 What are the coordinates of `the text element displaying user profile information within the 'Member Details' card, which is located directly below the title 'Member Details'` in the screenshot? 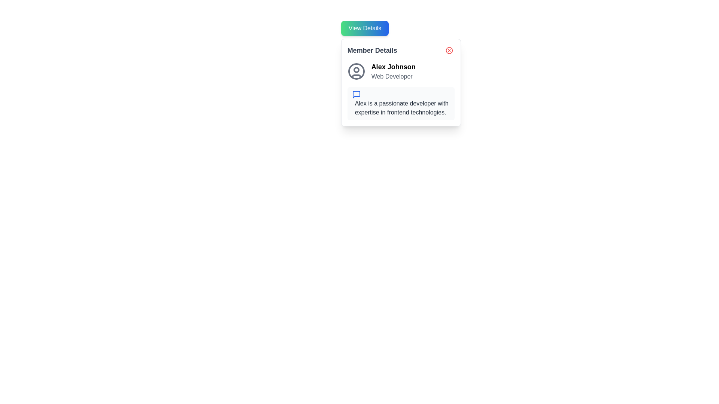 It's located at (400, 71).